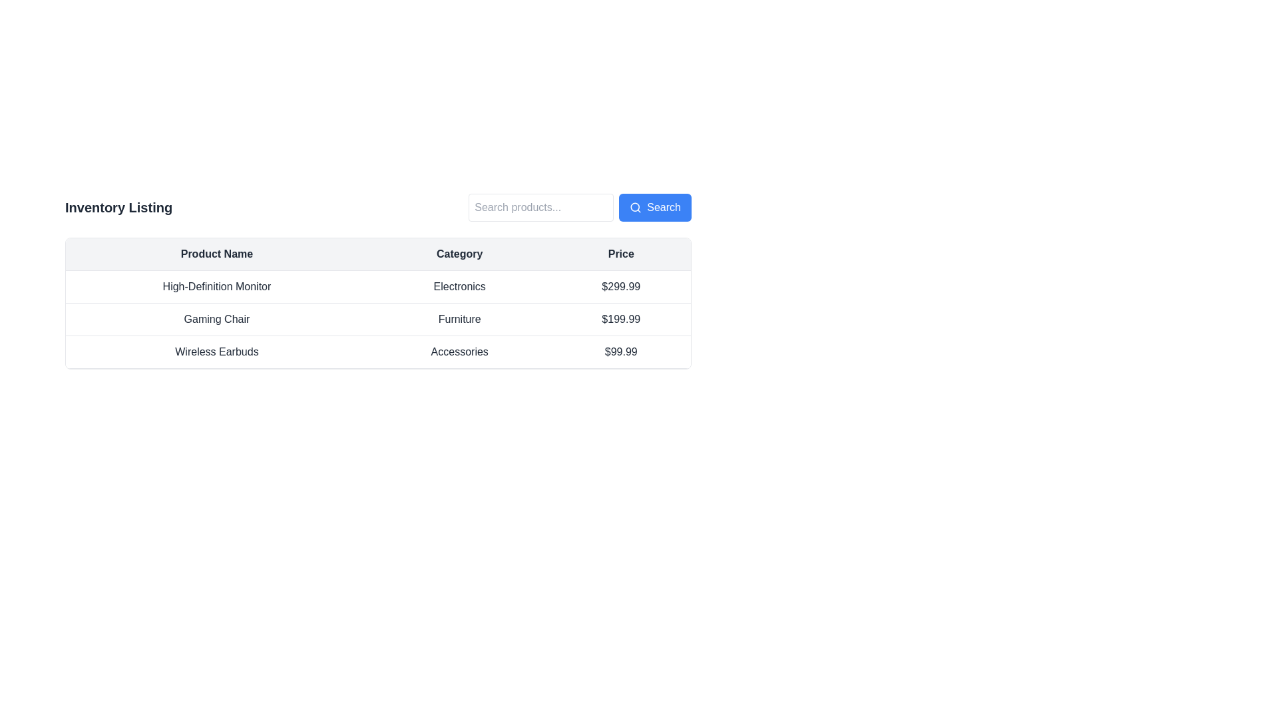  What do you see at coordinates (118, 208) in the screenshot?
I see `title text element located at the top left of the inventory display area` at bounding box center [118, 208].